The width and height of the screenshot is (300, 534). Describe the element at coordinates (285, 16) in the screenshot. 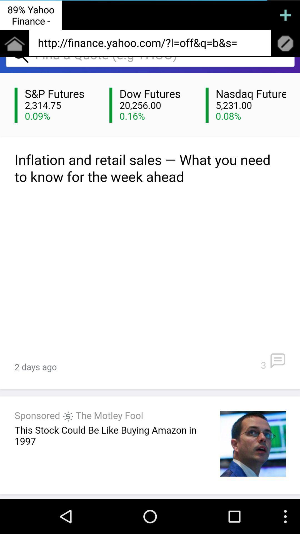

I see `the add icon` at that location.